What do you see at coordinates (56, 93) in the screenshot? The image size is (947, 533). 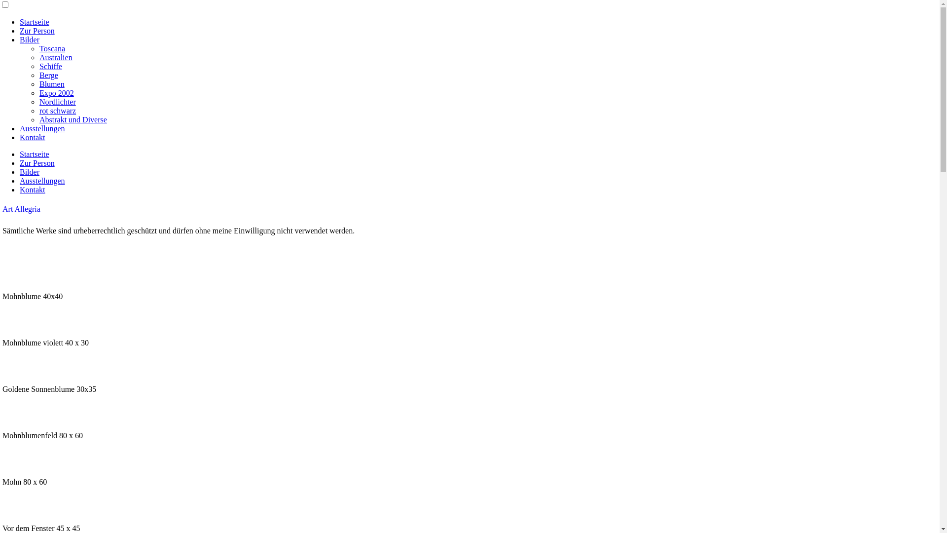 I see `'Expo 2002'` at bounding box center [56, 93].